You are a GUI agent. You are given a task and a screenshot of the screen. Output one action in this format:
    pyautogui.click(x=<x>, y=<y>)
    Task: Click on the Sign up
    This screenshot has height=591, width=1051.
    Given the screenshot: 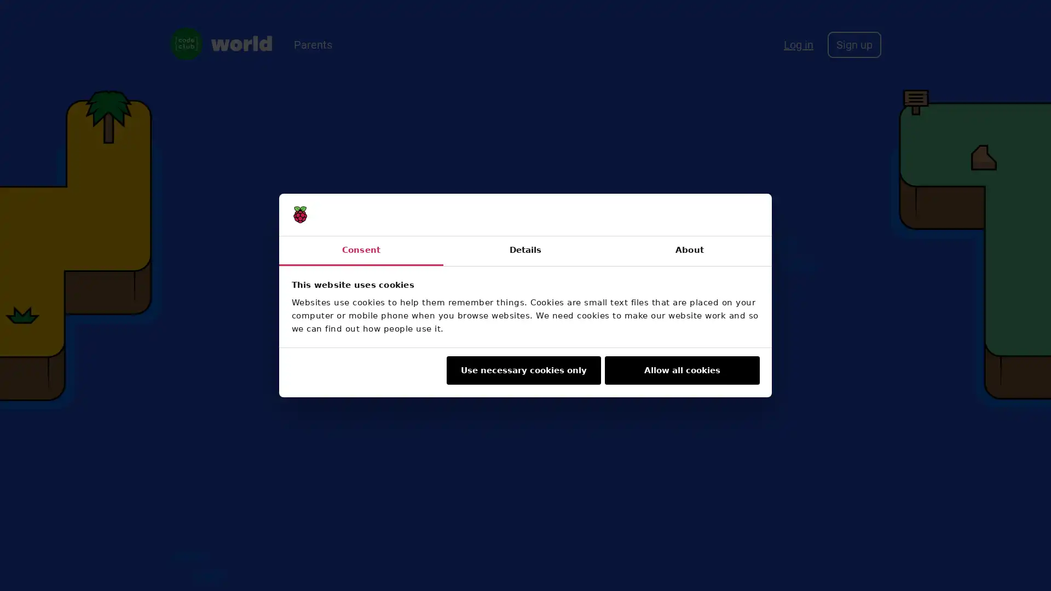 What is the action you would take?
    pyautogui.click(x=853, y=44)
    